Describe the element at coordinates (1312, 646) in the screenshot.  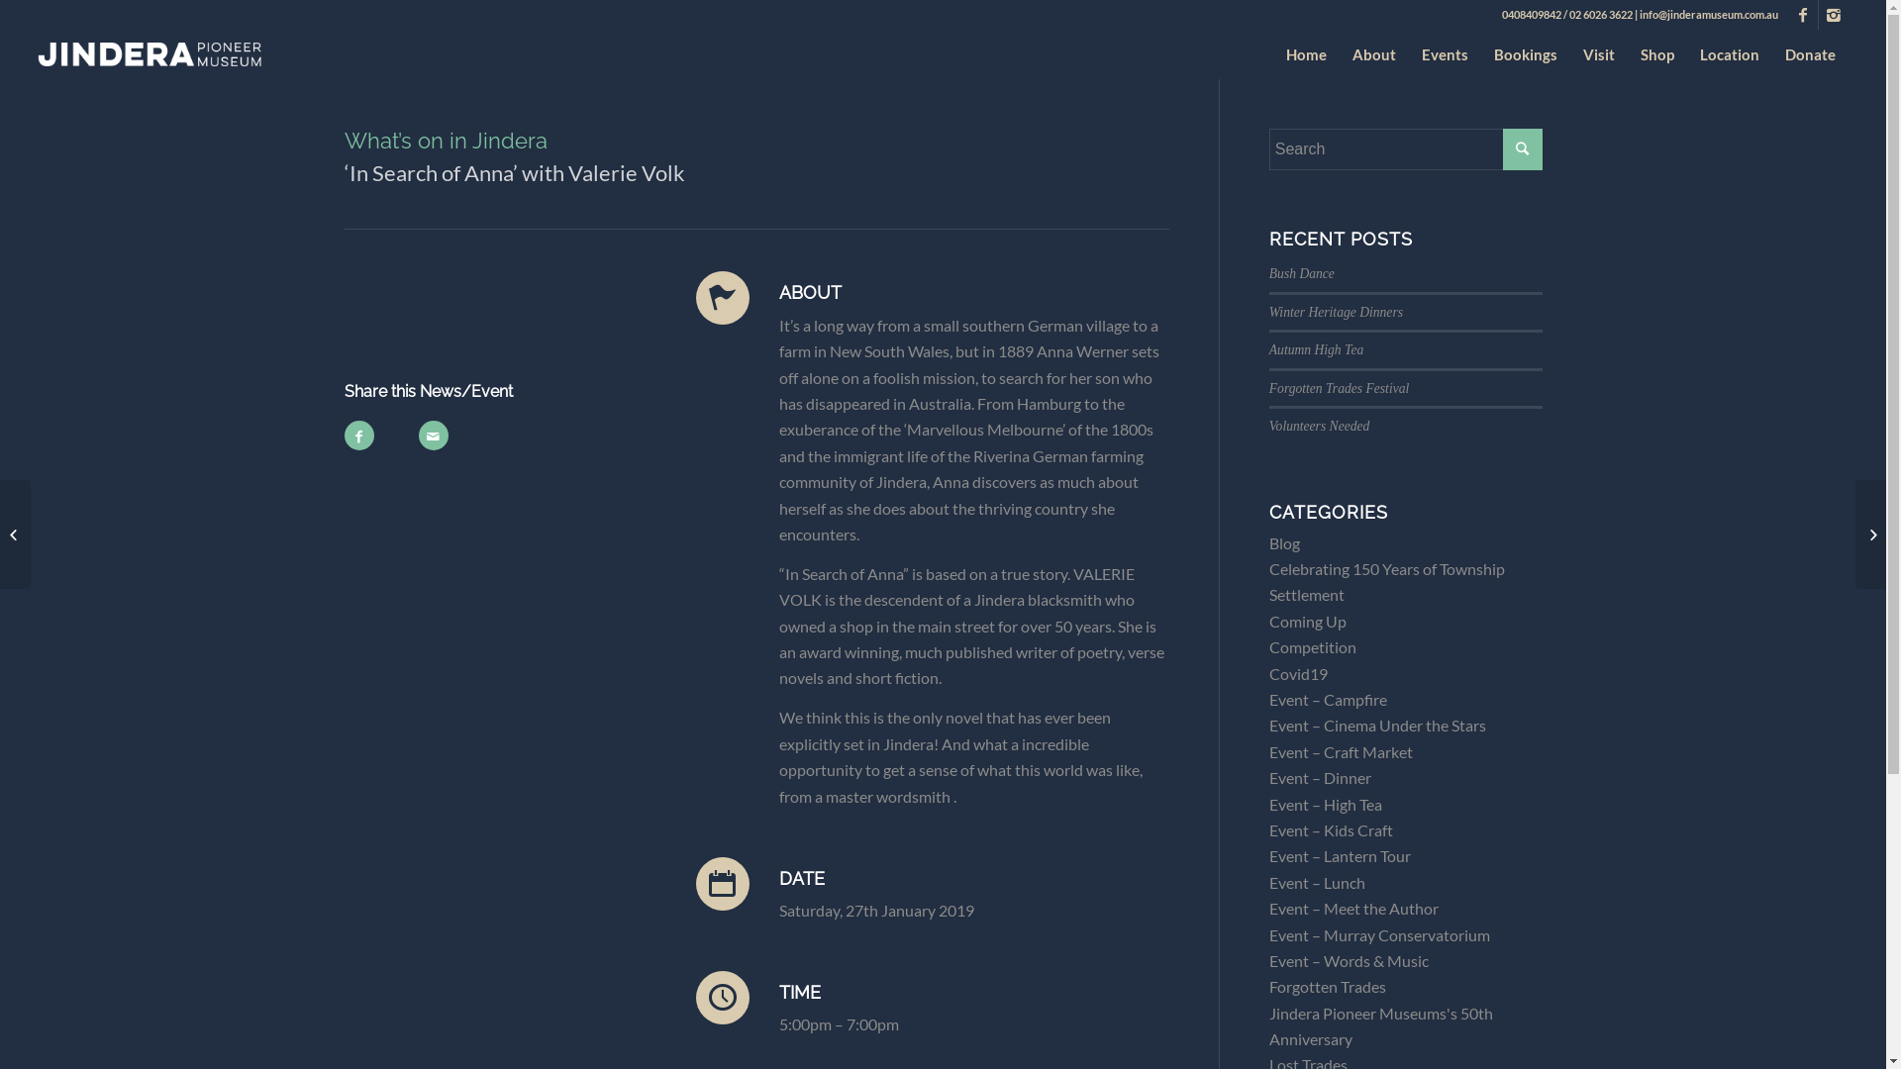
I see `'Competition'` at that location.